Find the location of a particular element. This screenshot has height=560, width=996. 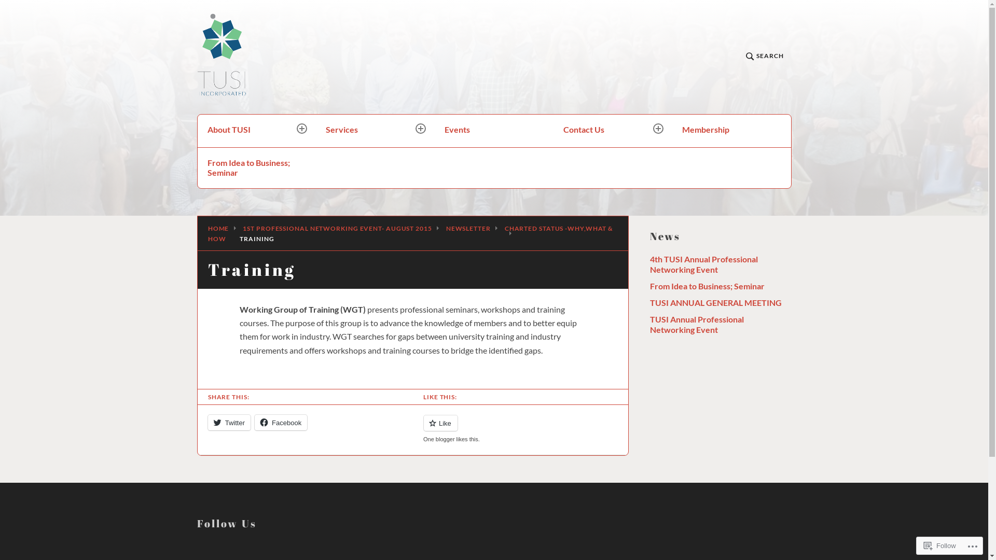

'Search' is located at coordinates (232, 127).